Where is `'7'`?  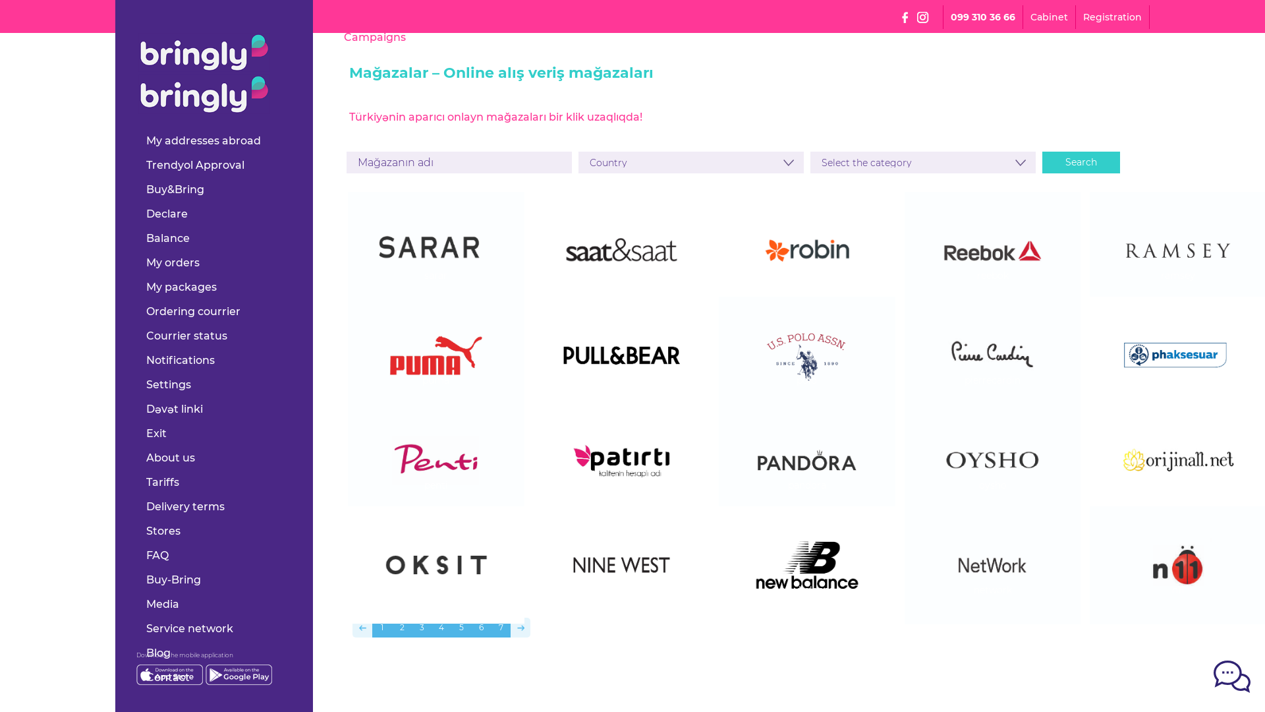
'7' is located at coordinates (499, 627).